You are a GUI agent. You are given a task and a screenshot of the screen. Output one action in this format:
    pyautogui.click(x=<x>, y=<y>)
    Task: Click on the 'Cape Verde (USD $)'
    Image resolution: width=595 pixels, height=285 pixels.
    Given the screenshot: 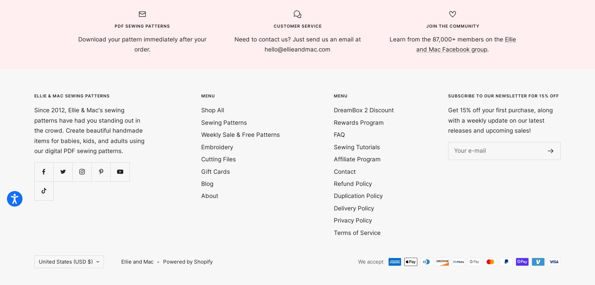 What is the action you would take?
    pyautogui.click(x=41, y=109)
    